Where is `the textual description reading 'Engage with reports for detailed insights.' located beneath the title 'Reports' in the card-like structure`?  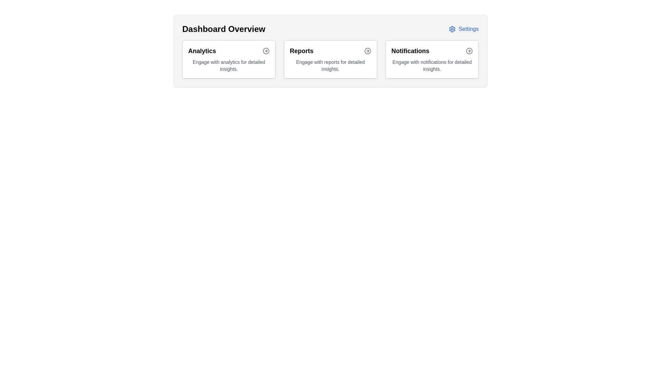 the textual description reading 'Engage with reports for detailed insights.' located beneath the title 'Reports' in the card-like structure is located at coordinates (330, 66).